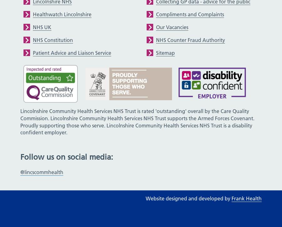 This screenshot has width=282, height=227. I want to click on 'NHS UK', so click(33, 27).